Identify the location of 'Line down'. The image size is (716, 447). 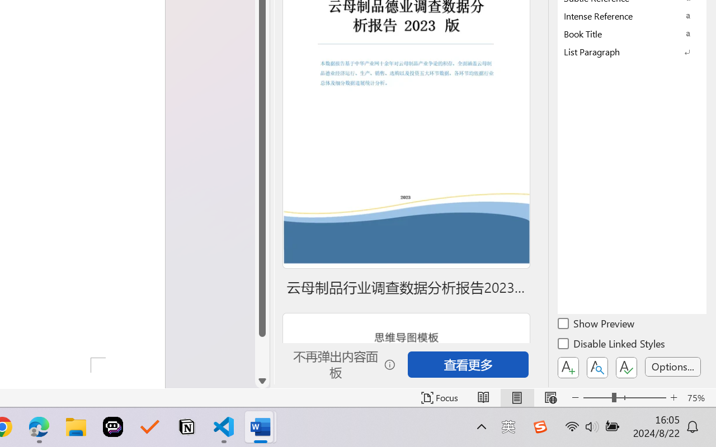
(262, 381).